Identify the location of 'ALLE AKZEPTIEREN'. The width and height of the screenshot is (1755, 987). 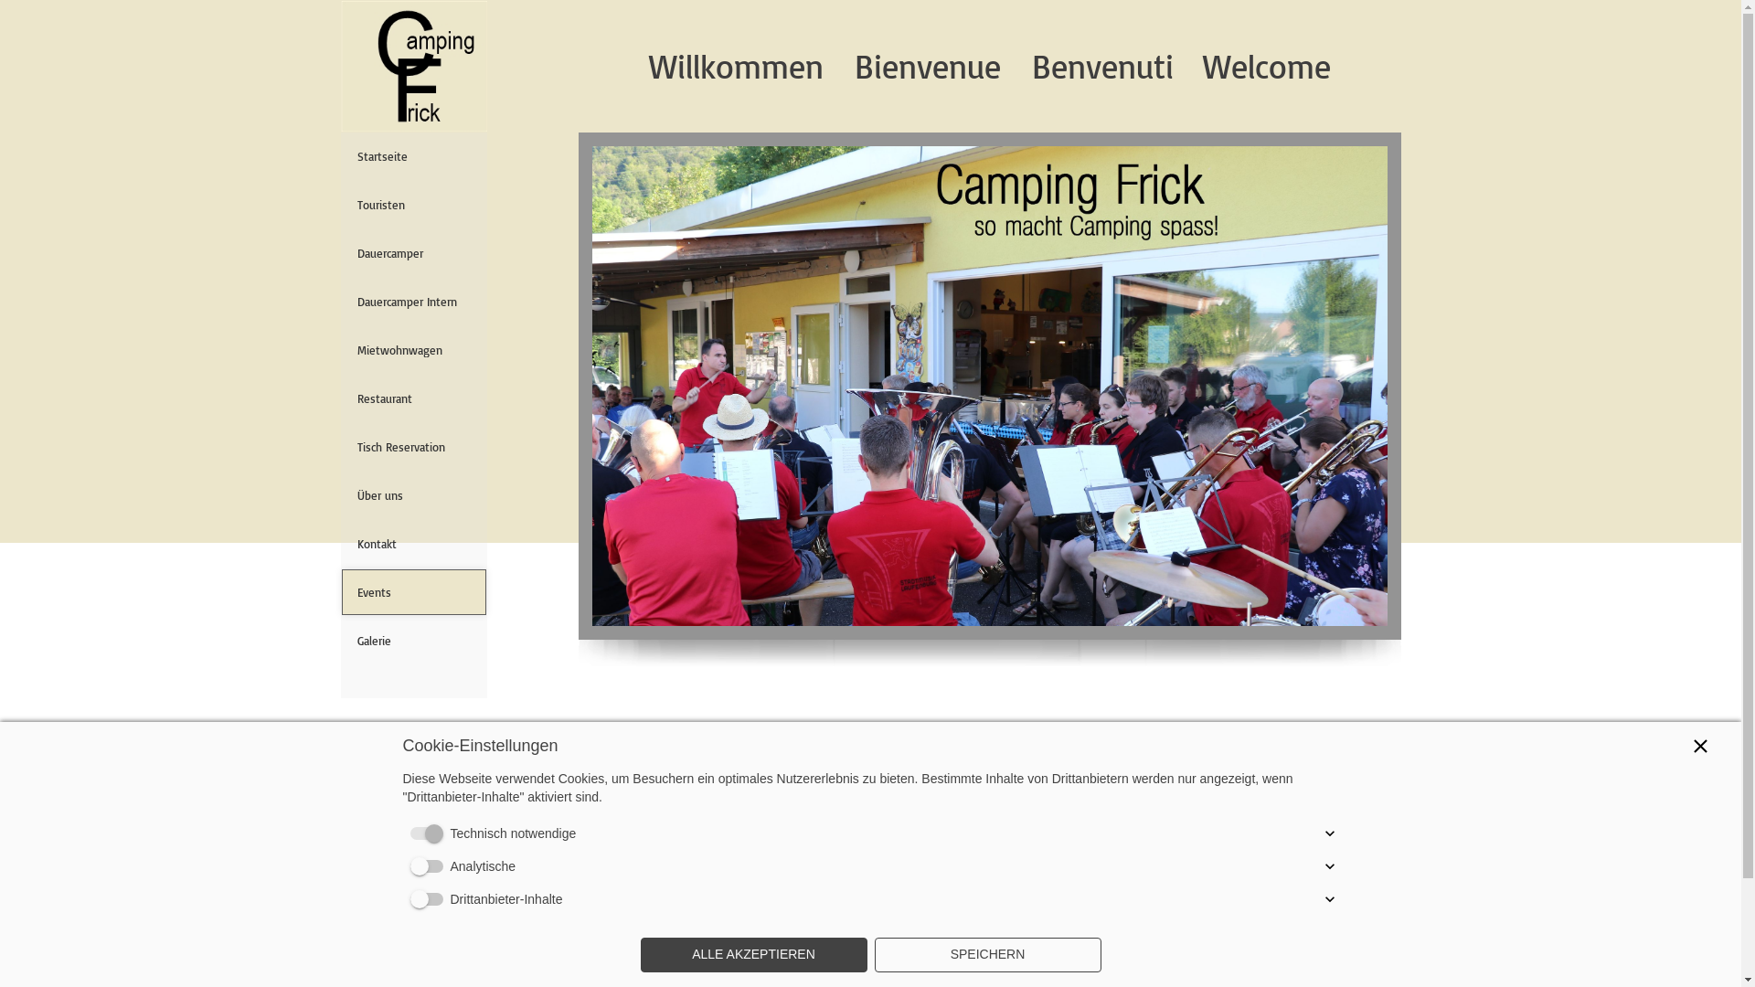
(753, 954).